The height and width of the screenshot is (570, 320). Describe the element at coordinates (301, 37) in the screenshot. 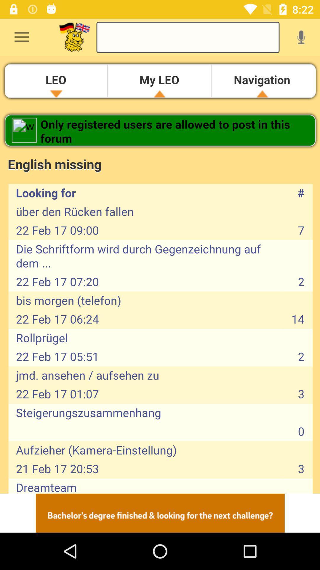

I see `voice search option` at that location.